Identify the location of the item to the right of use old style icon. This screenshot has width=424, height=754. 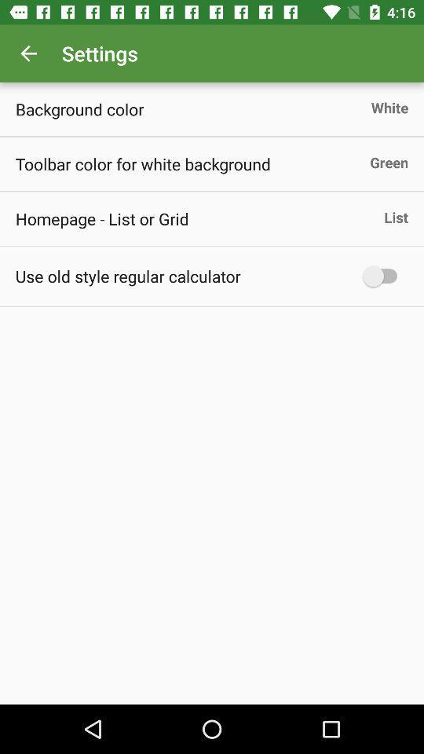
(383, 276).